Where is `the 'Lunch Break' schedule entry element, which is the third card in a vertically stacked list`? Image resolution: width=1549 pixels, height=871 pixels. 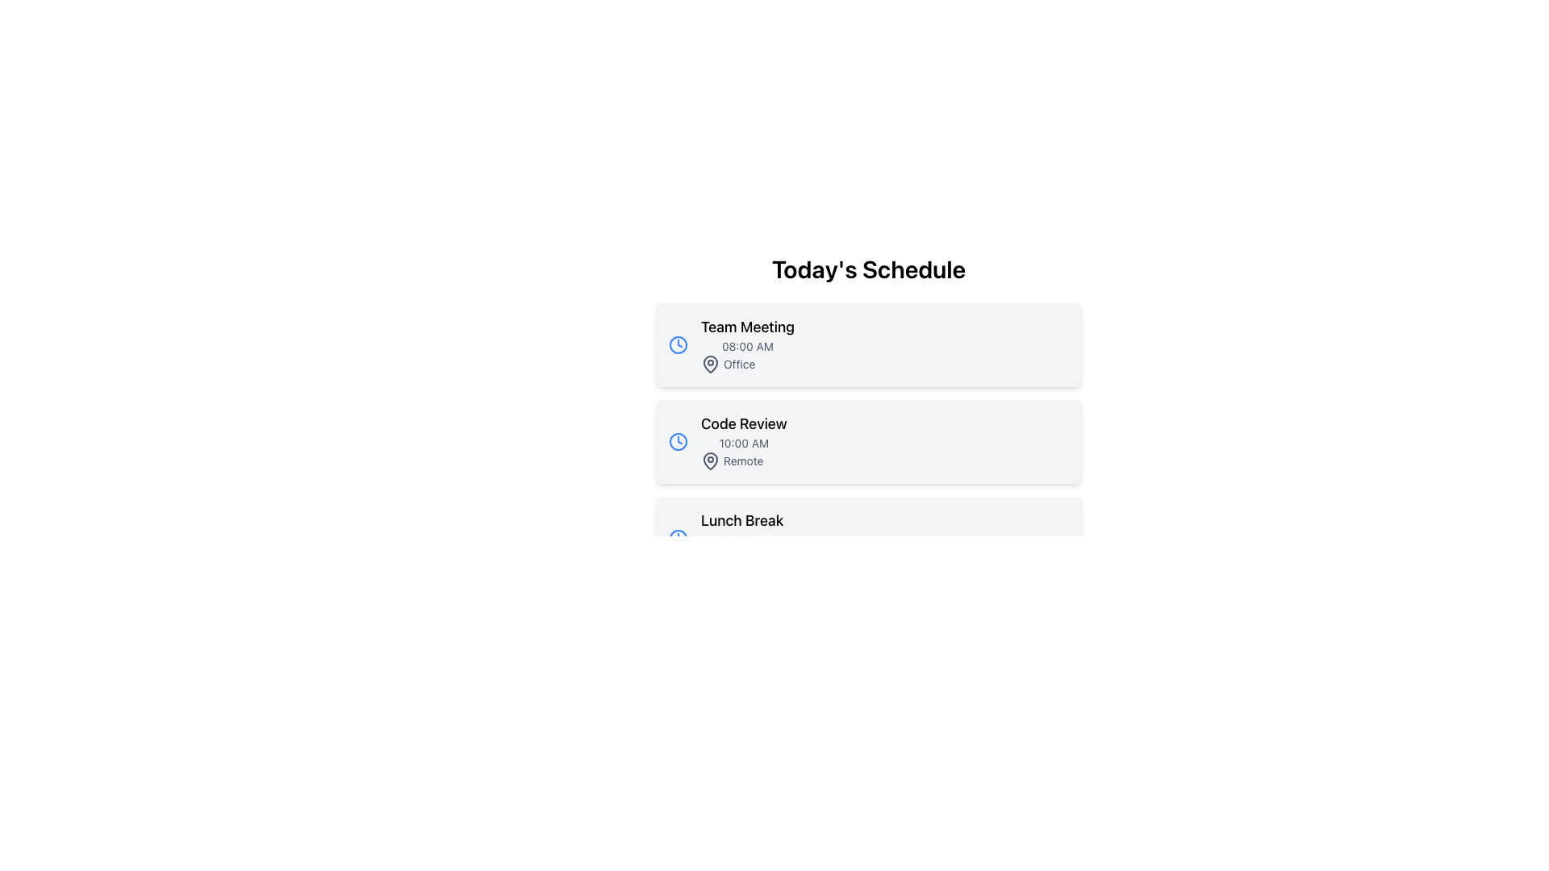 the 'Lunch Break' schedule entry element, which is the third card in a vertically stacked list is located at coordinates (741, 538).